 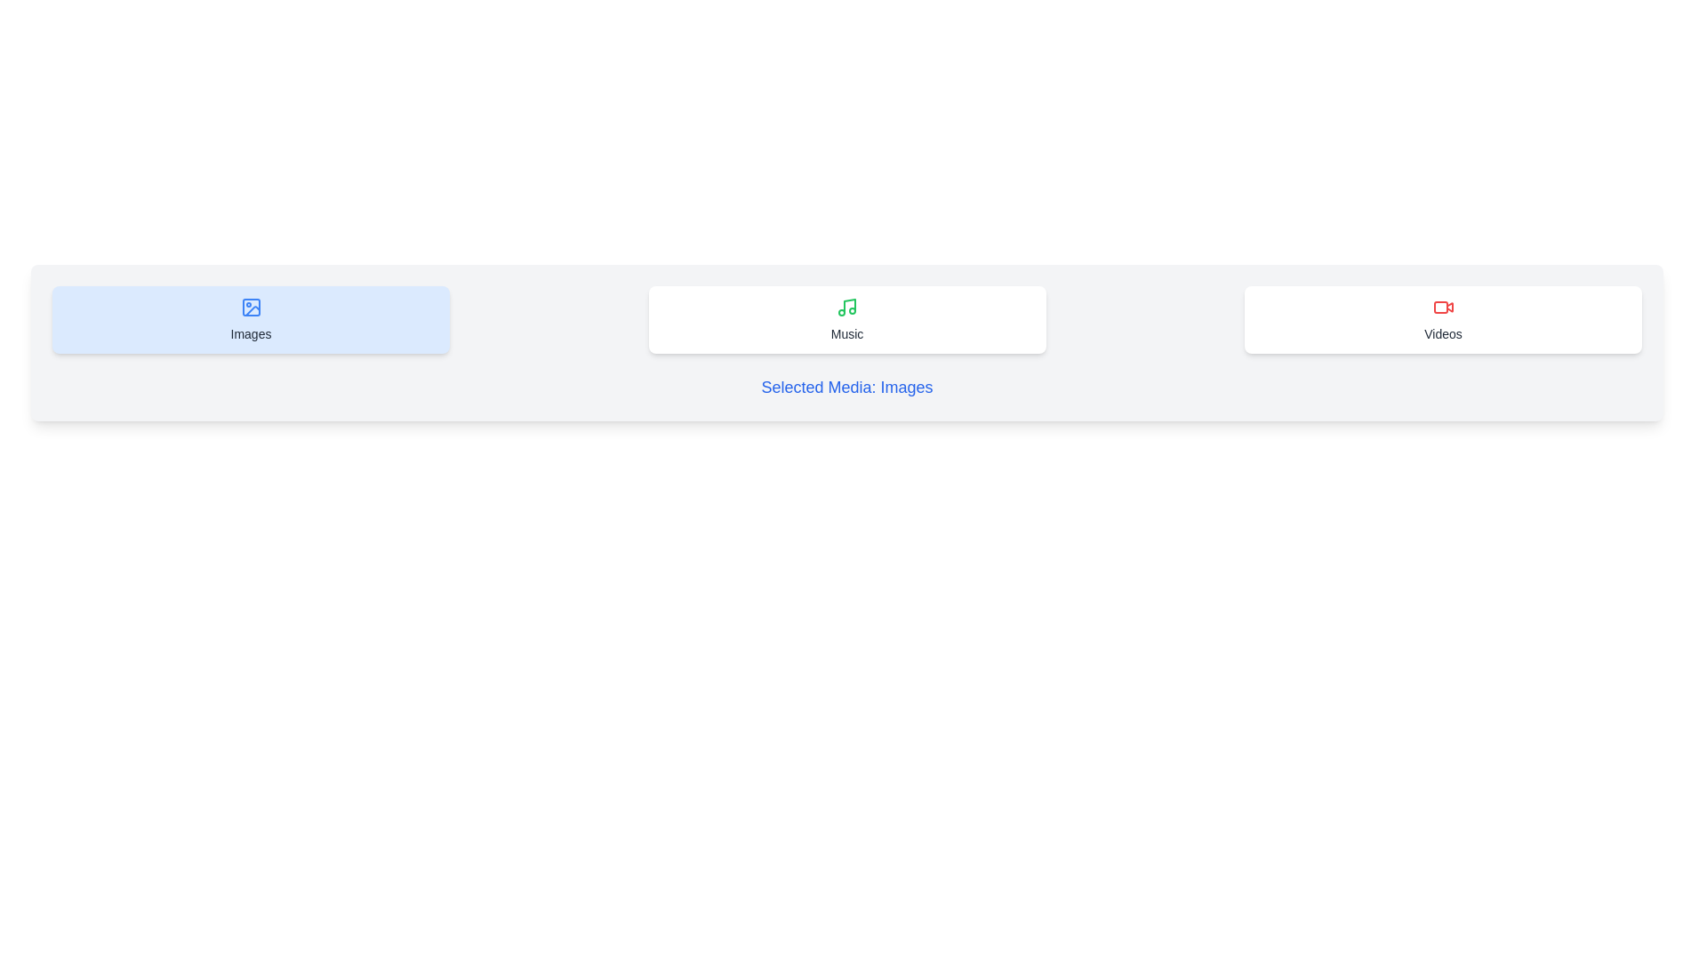 I want to click on the Videos button to observe its hover effect, so click(x=1443, y=318).